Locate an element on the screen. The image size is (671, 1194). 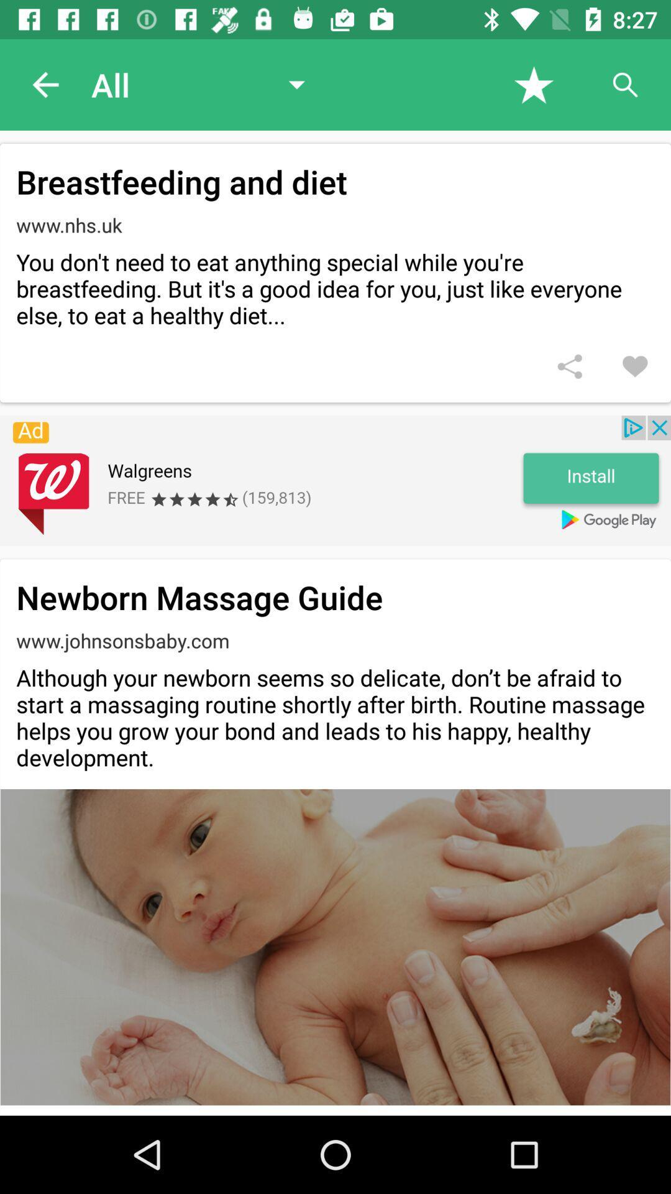
search app is located at coordinates (625, 84).